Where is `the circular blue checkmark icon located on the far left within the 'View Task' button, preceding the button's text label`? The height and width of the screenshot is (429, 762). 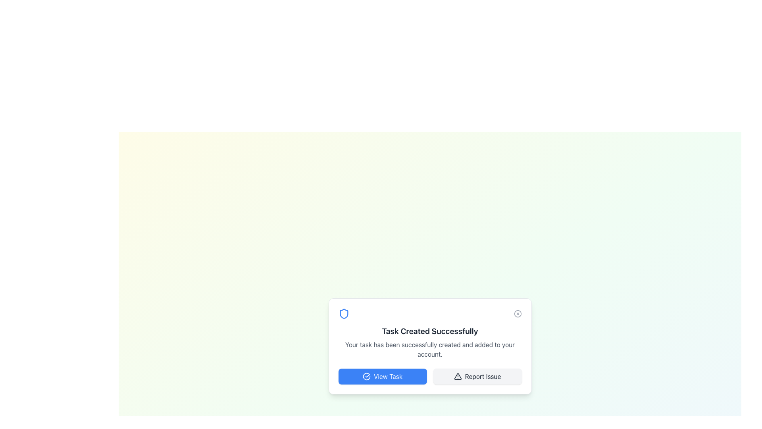 the circular blue checkmark icon located on the far left within the 'View Task' button, preceding the button's text label is located at coordinates (366, 376).